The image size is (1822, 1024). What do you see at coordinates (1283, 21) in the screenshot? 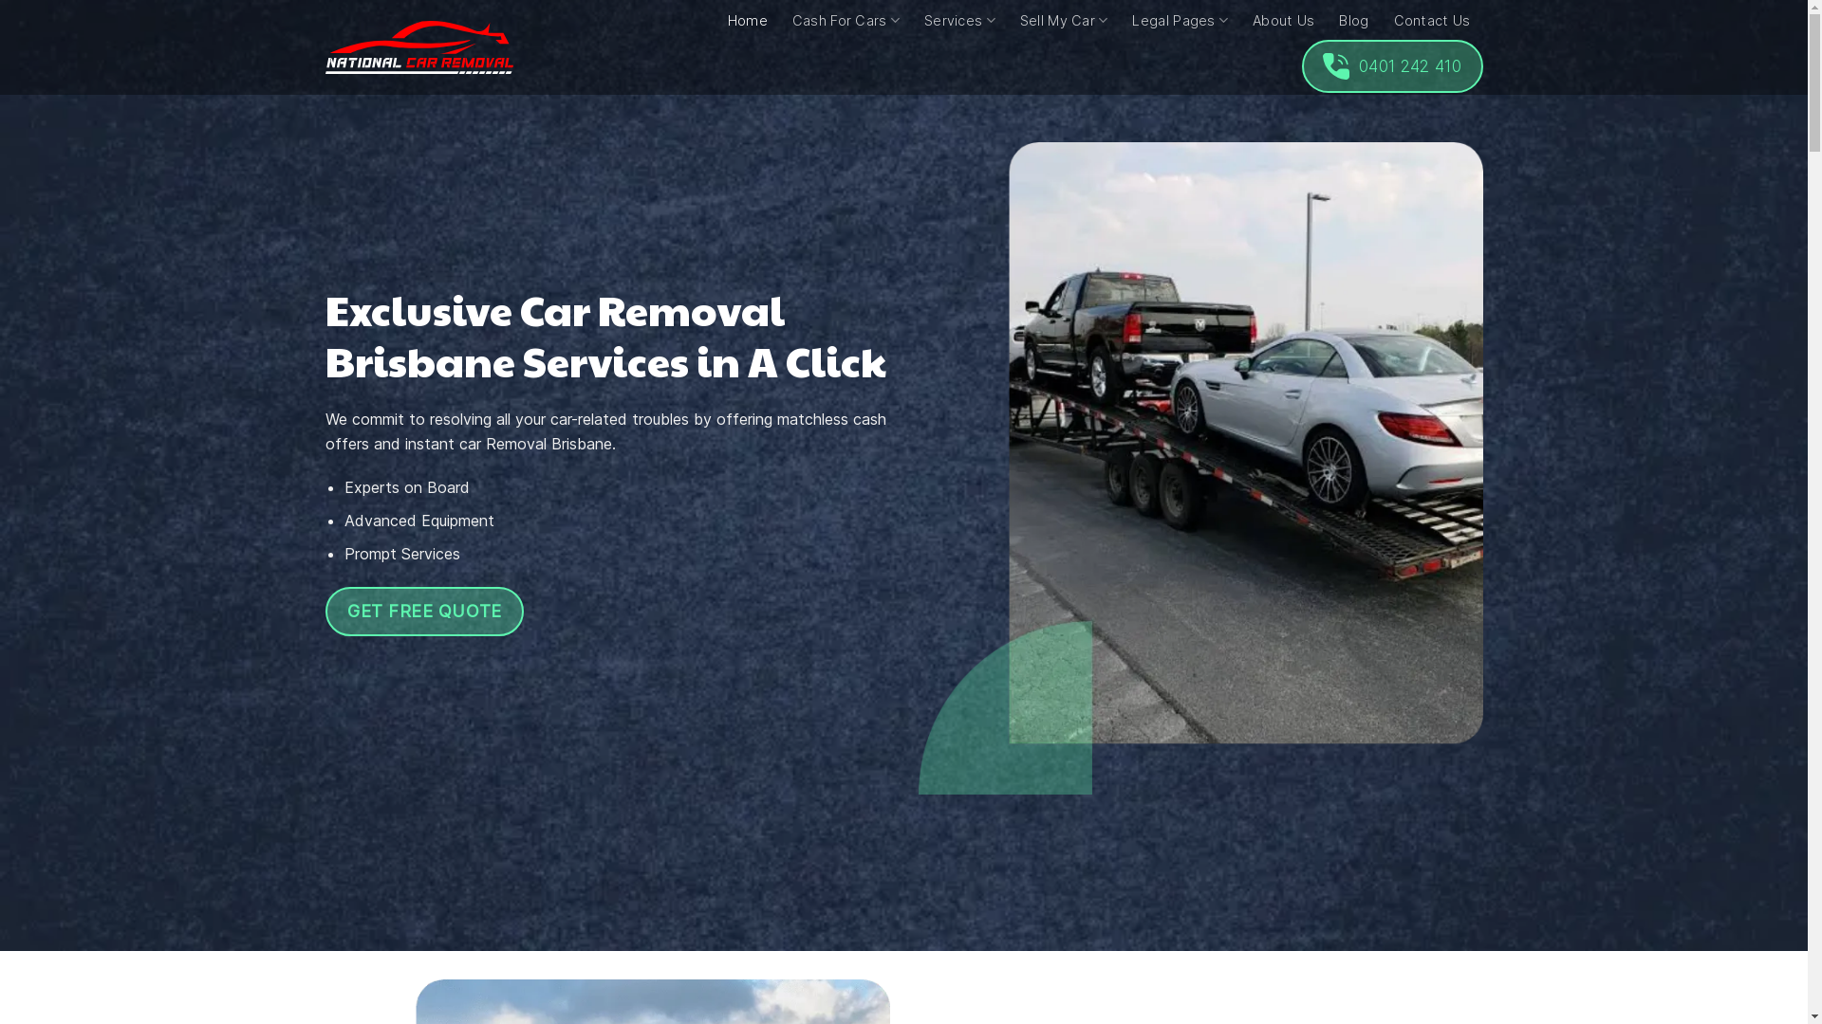
I see `'About Us'` at bounding box center [1283, 21].